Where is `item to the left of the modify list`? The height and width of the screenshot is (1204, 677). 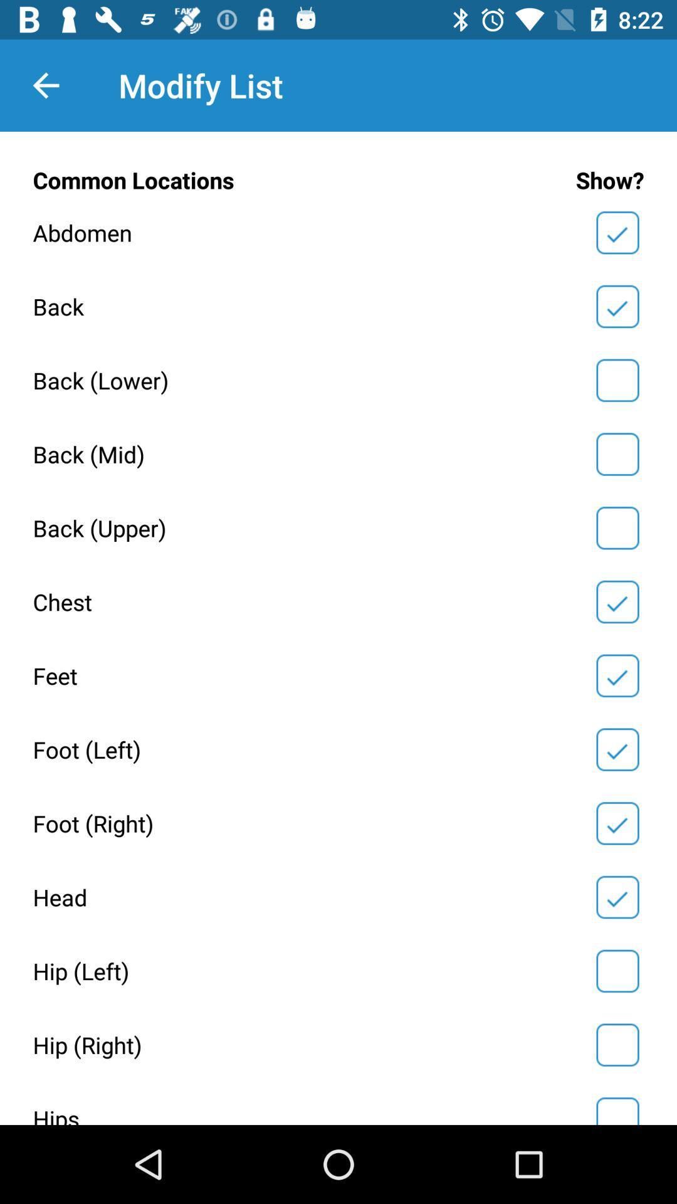 item to the left of the modify list is located at coordinates (45, 85).